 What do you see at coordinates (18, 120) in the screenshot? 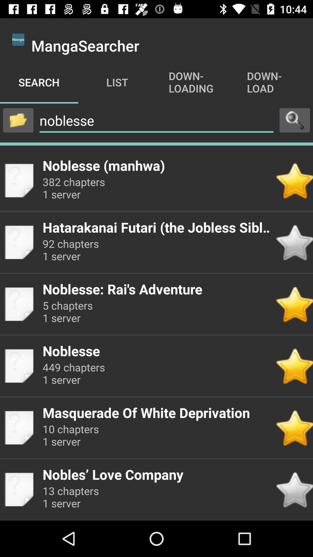
I see `the folder icon` at bounding box center [18, 120].